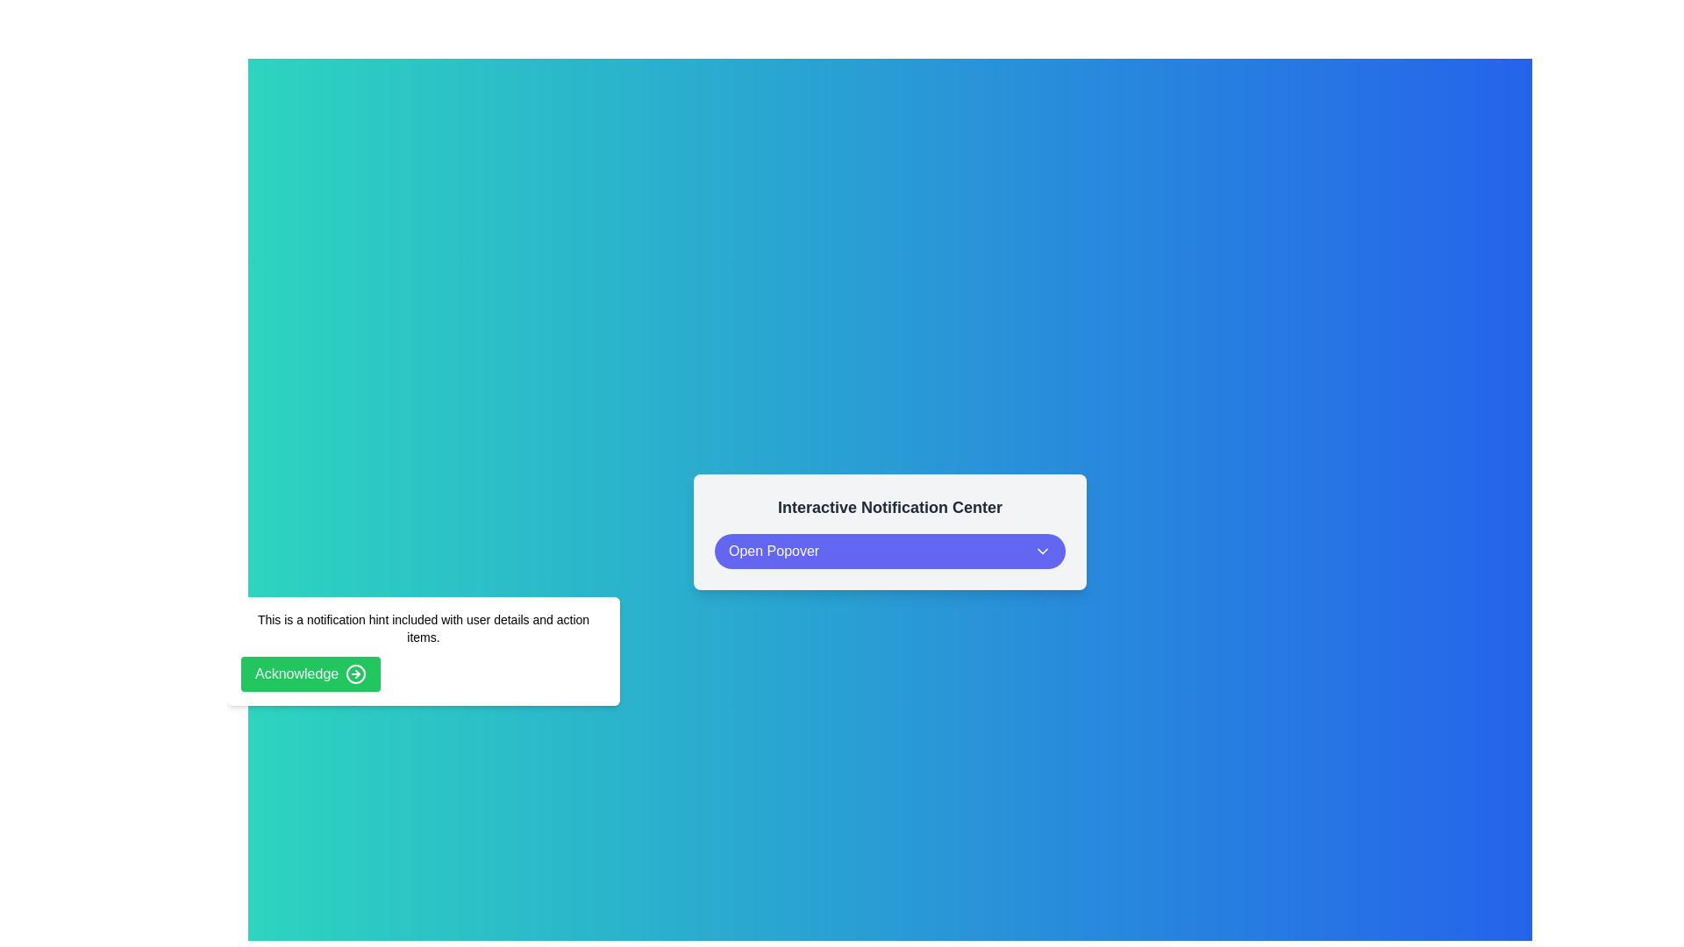  What do you see at coordinates (310, 673) in the screenshot?
I see `the 'Acknowledge' button, which is a rectangular button with bold white text on a bright green background, located at the bottom-left of the notification box` at bounding box center [310, 673].